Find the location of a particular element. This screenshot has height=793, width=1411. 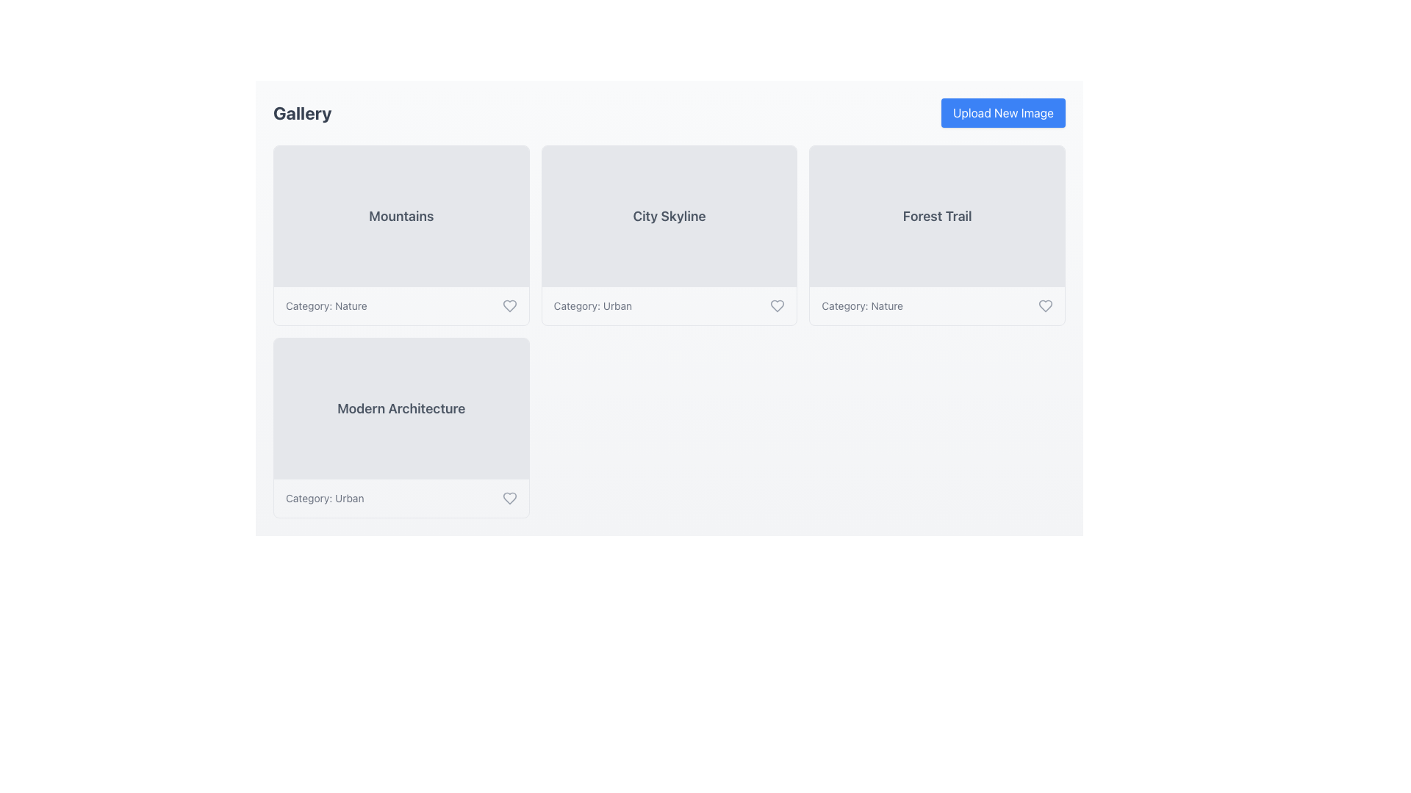

the heart icon button located in the bottom-right corner of the 'Forest Trail' card to mark it as a favorite is located at coordinates (1044, 305).